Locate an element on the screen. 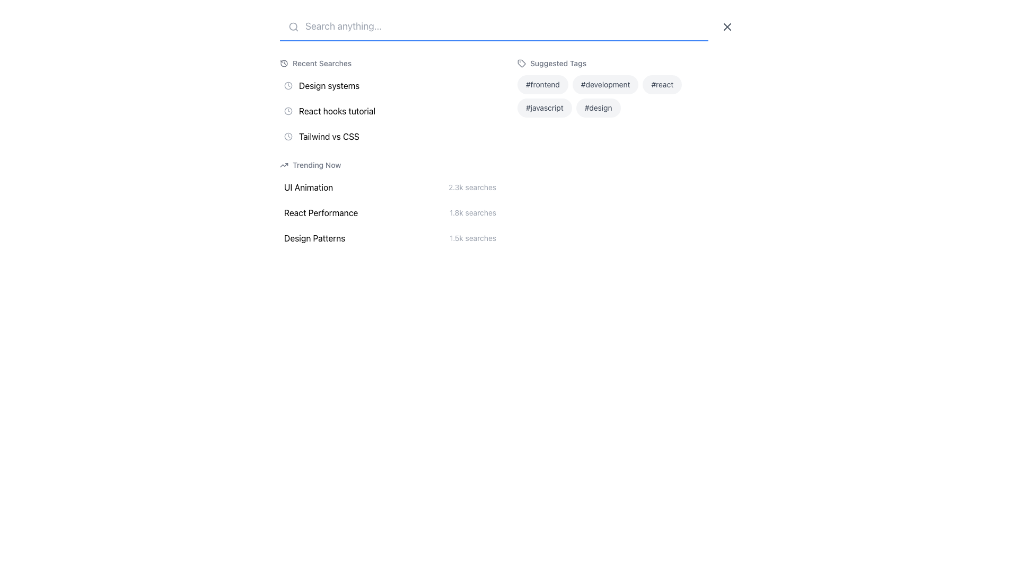  the 'design' tag button, which is the last tag in the second row of the 'Suggested Tags' list is located at coordinates (598, 108).